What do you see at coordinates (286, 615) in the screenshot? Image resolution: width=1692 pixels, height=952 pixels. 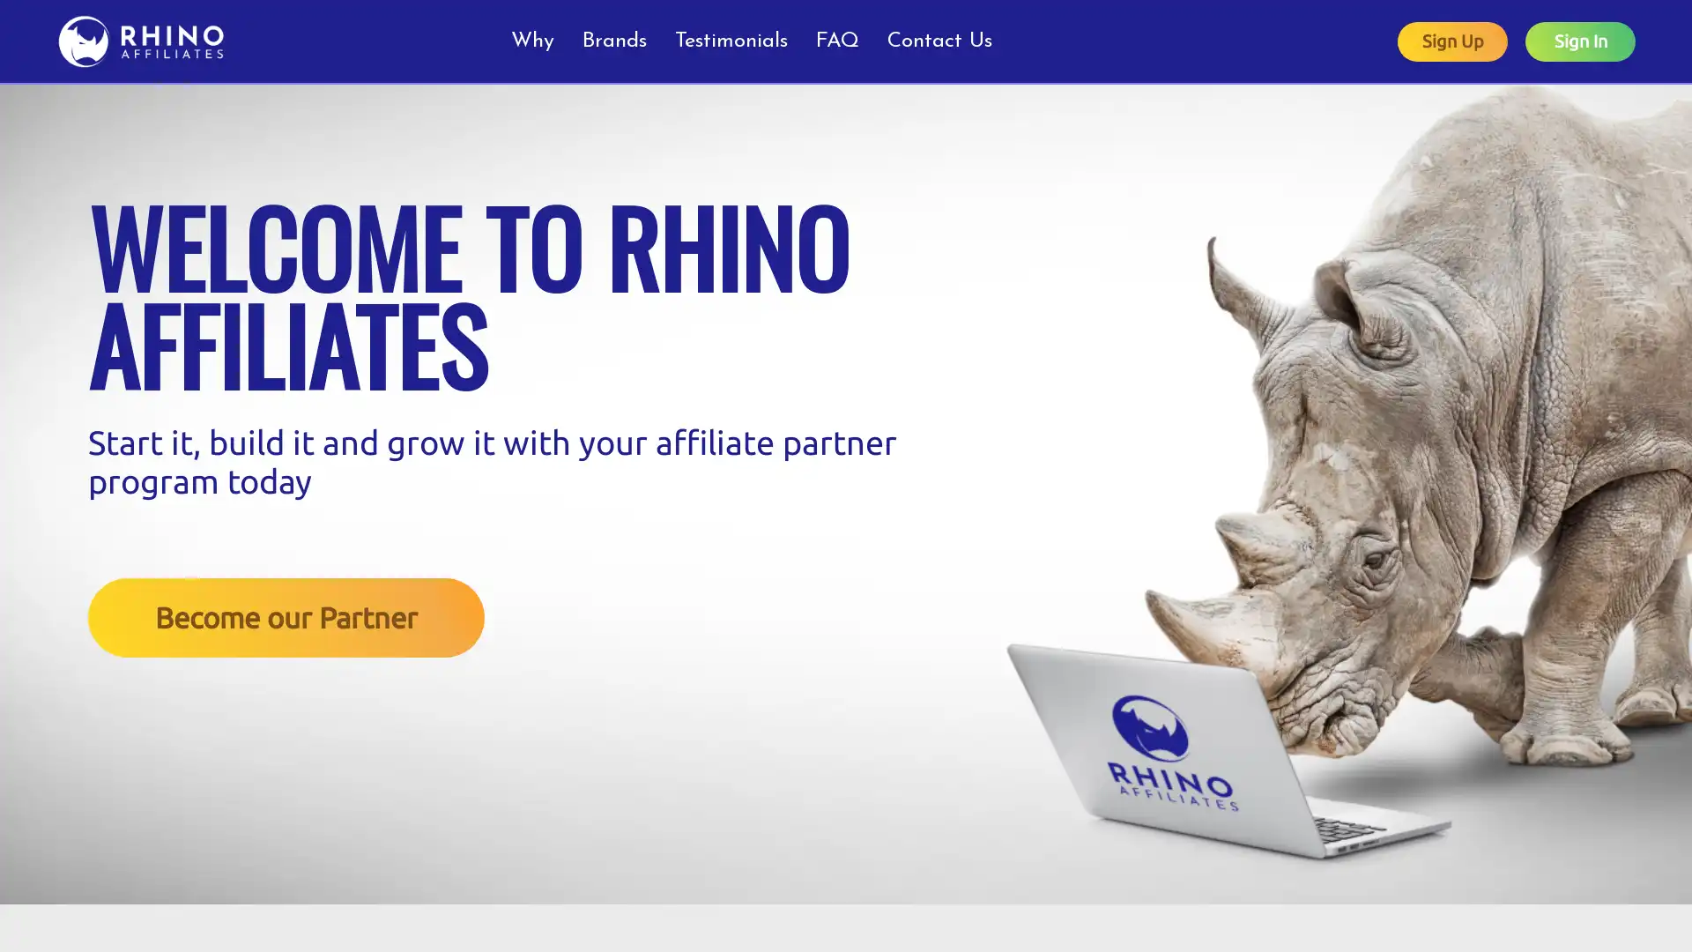 I see `Become our Partner` at bounding box center [286, 615].